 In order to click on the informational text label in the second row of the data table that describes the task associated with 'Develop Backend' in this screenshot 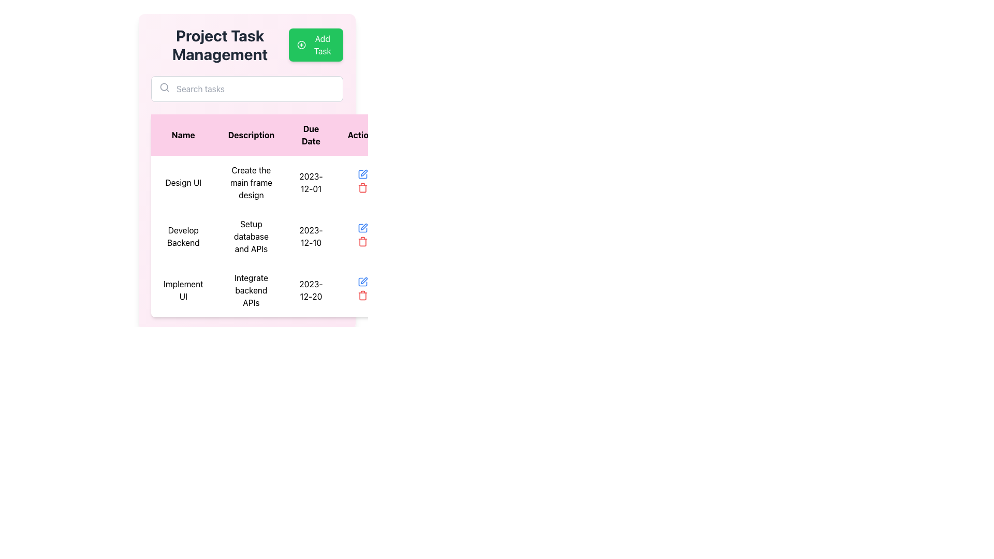, I will do `click(251, 236)`.